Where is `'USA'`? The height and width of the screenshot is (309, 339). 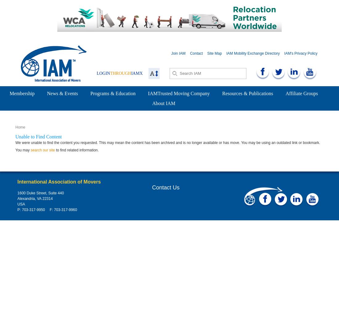 'USA' is located at coordinates (21, 204).